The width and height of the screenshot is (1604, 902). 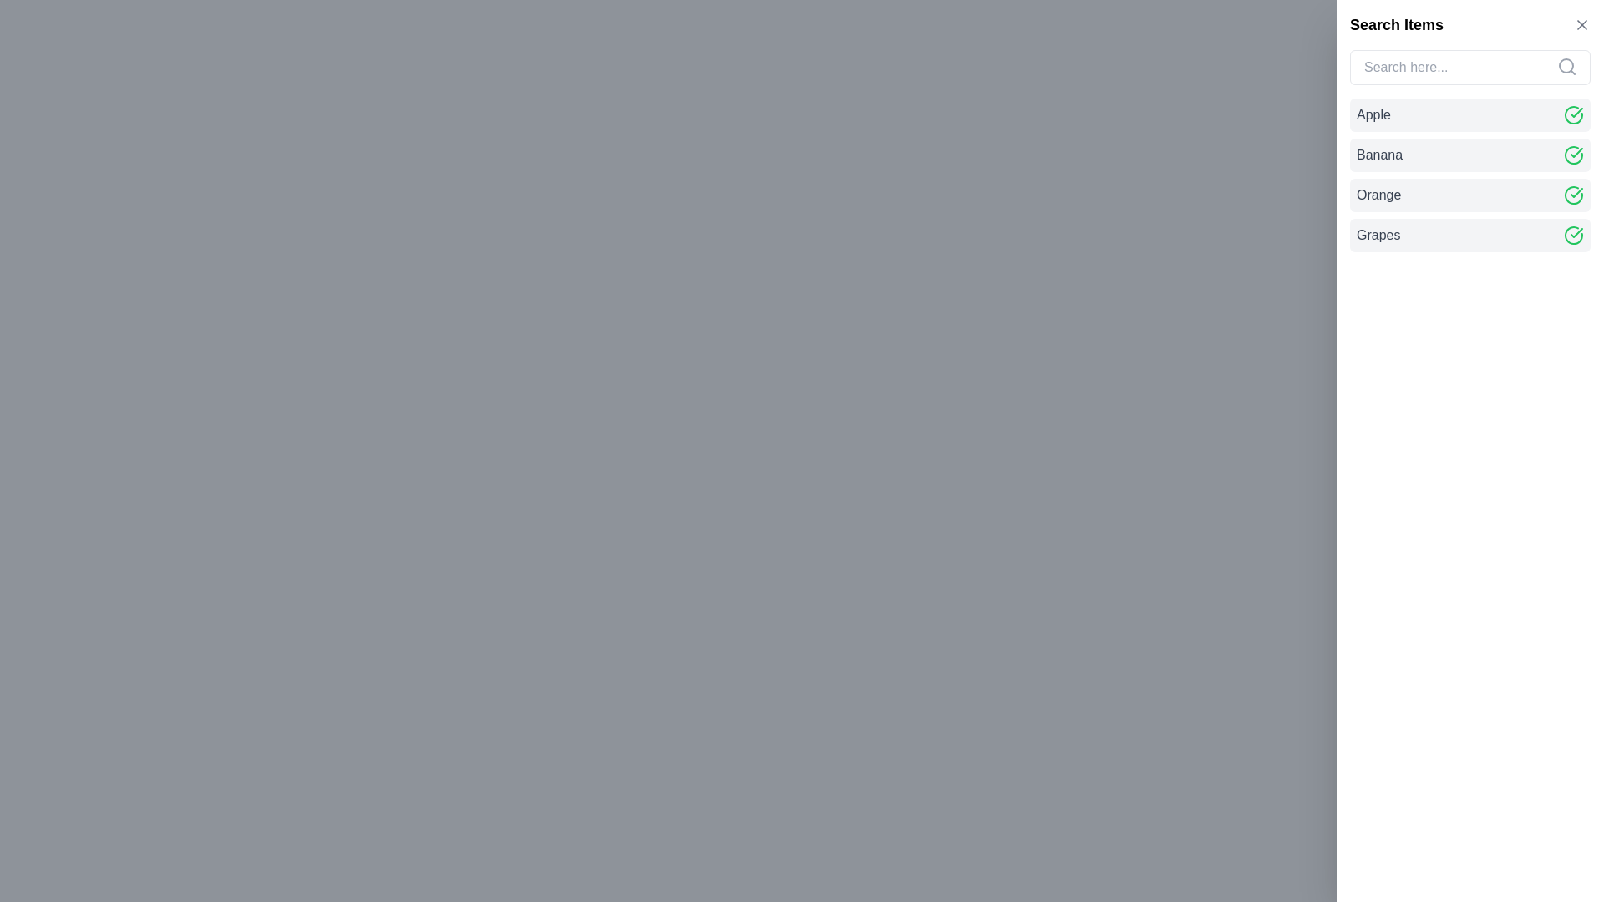 What do you see at coordinates (1470, 195) in the screenshot?
I see `the third item in the selectable list under the 'Search Items' section, which is located between 'Banana' and 'Grapes'` at bounding box center [1470, 195].